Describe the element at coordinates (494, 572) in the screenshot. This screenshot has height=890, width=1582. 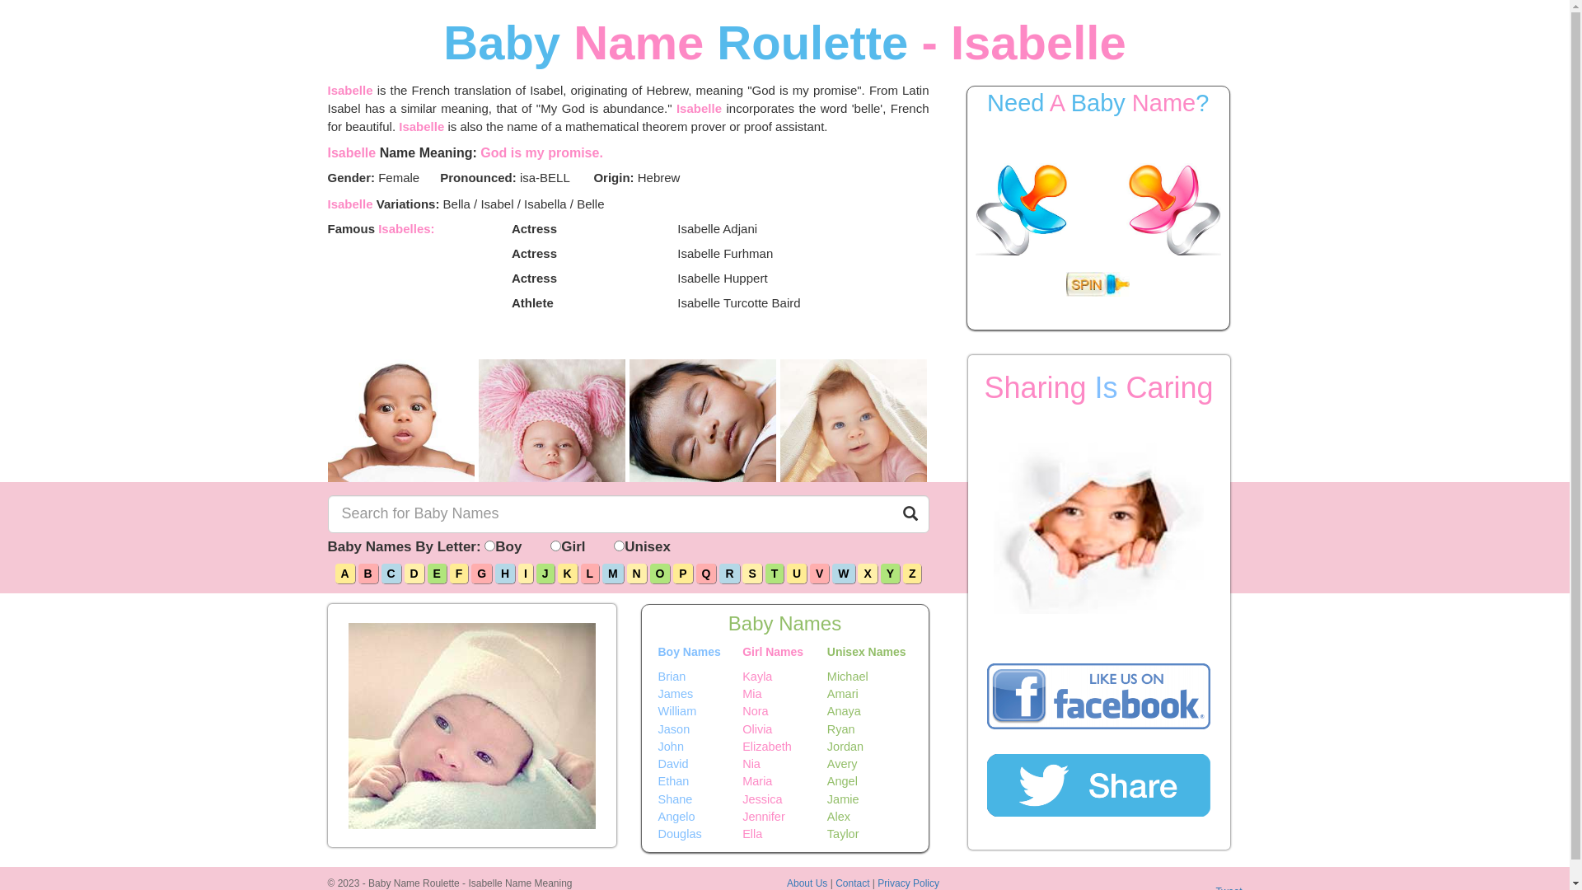
I see `'H'` at that location.